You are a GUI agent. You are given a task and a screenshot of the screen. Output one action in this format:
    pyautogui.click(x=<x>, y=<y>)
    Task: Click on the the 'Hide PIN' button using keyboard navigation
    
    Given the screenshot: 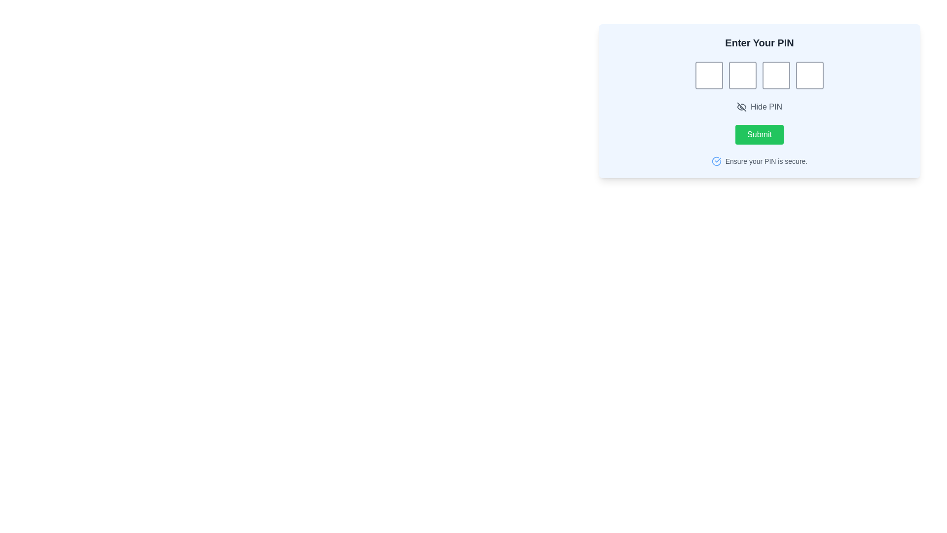 What is the action you would take?
    pyautogui.click(x=759, y=107)
    